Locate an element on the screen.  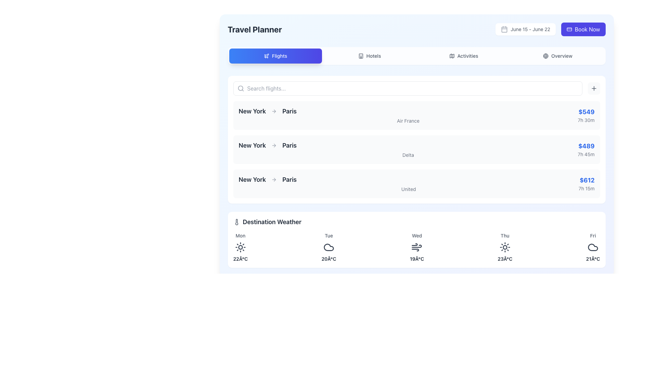
the Text Label displaying 'Thu', which is part of the weather forecast section and positioned above the sun icon and temperature value is located at coordinates (505, 235).